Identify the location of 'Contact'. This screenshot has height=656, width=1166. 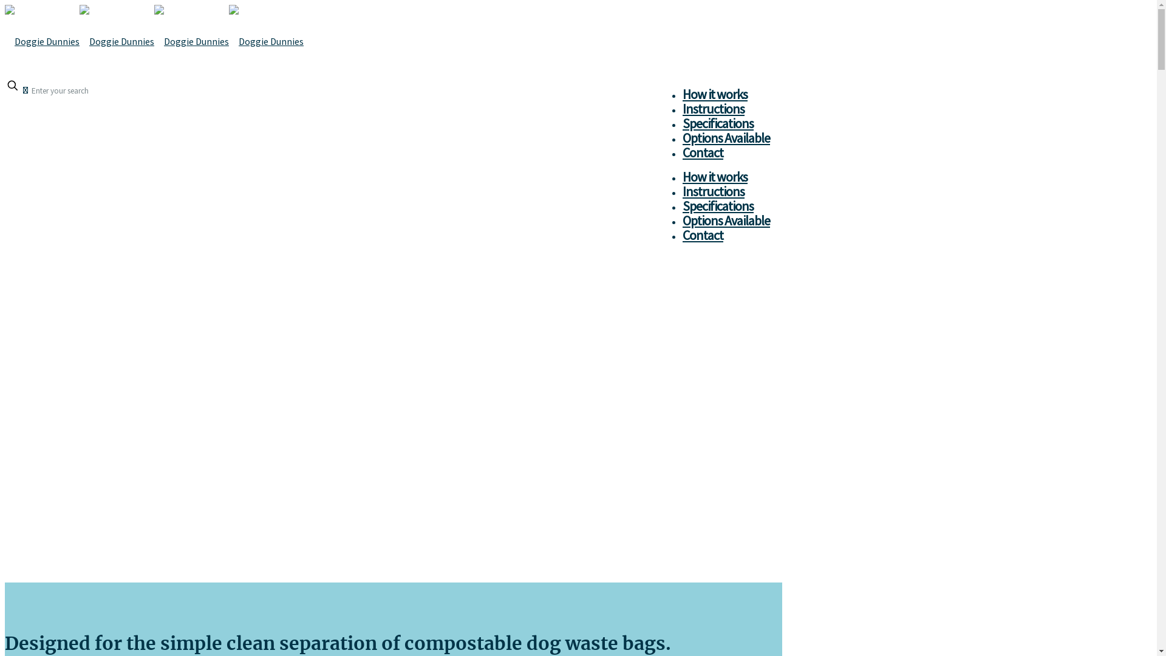
(703, 234).